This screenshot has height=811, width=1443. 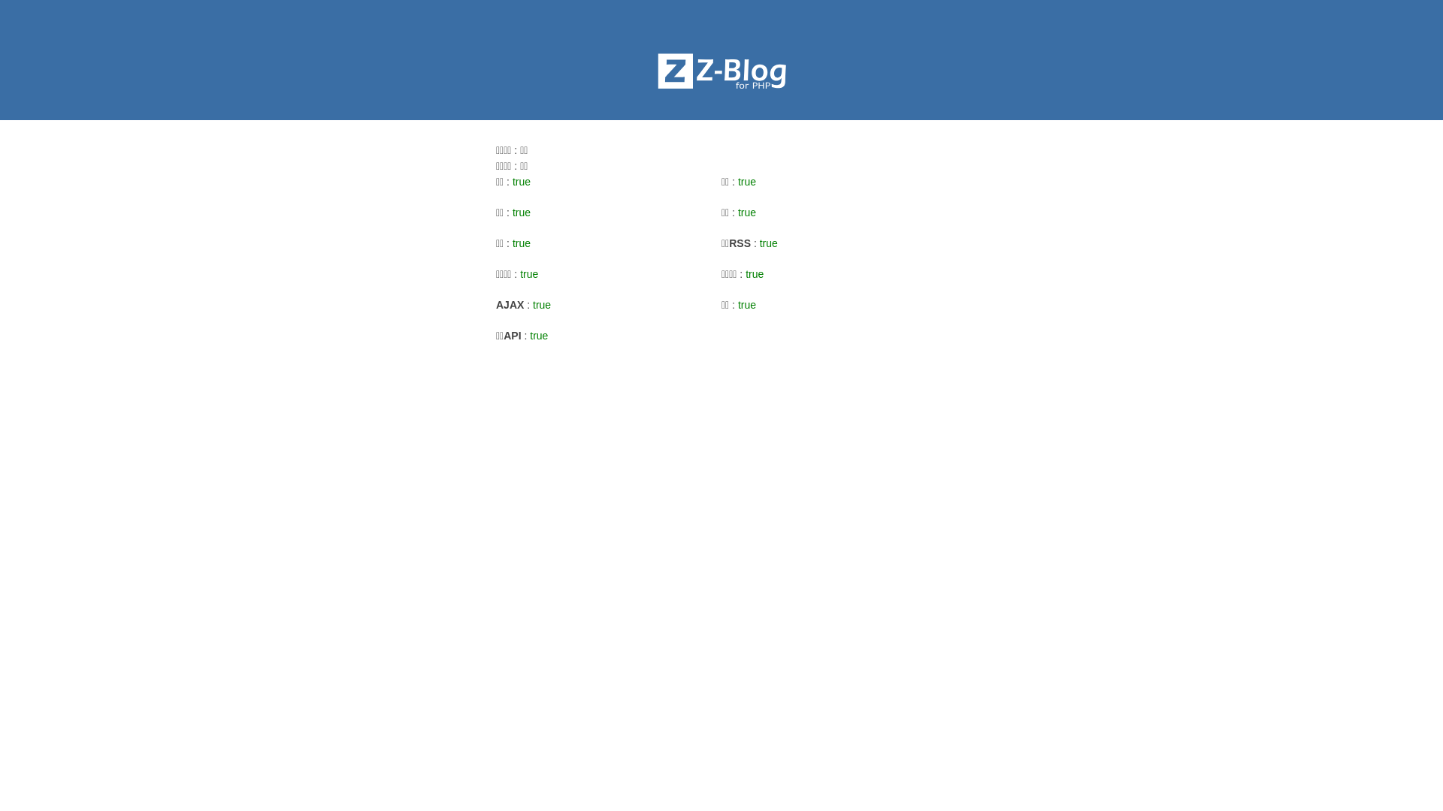 What do you see at coordinates (721, 71) in the screenshot?
I see `'Z-BlogPHP'` at bounding box center [721, 71].